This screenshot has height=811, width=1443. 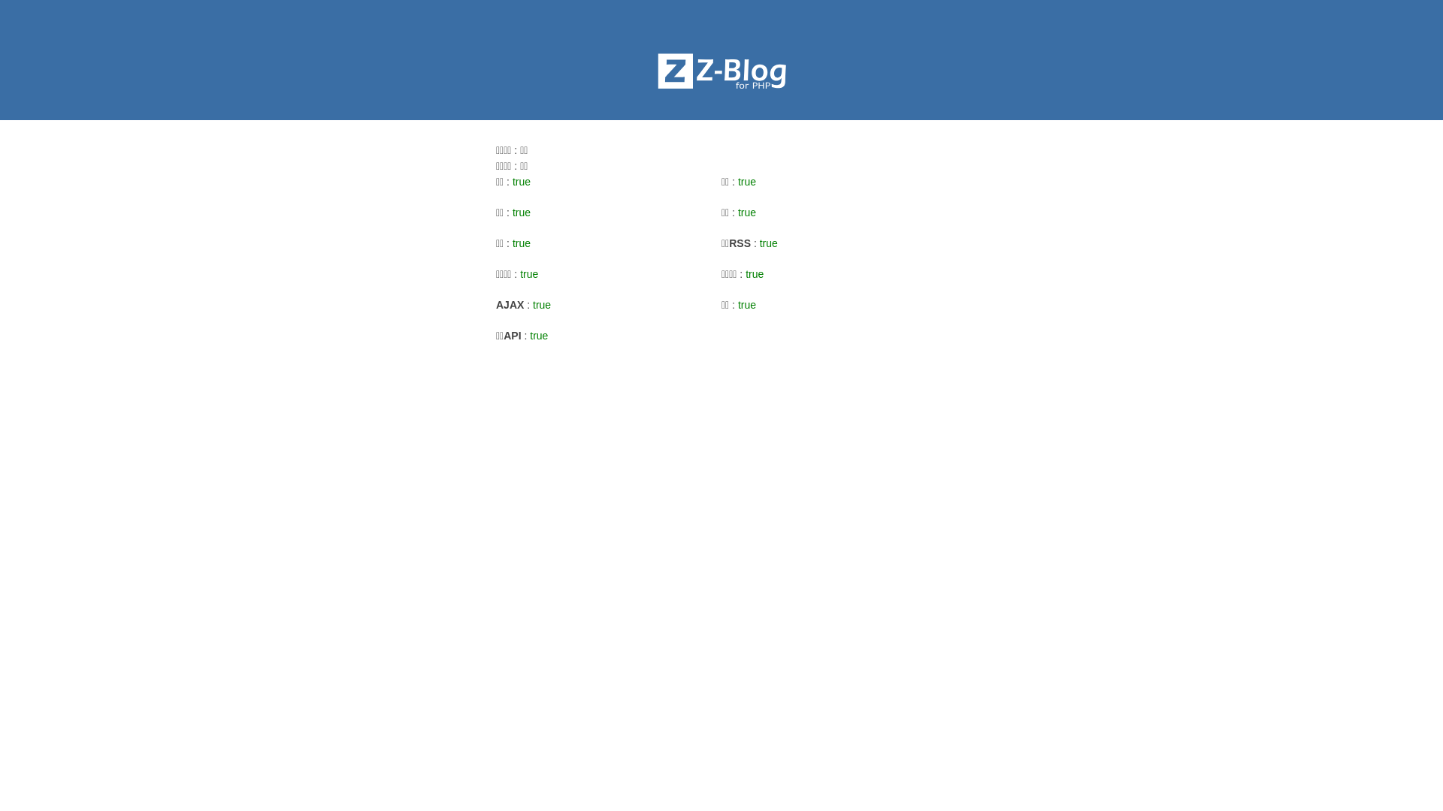 What do you see at coordinates (721, 71) in the screenshot?
I see `'Z-BlogPHP'` at bounding box center [721, 71].